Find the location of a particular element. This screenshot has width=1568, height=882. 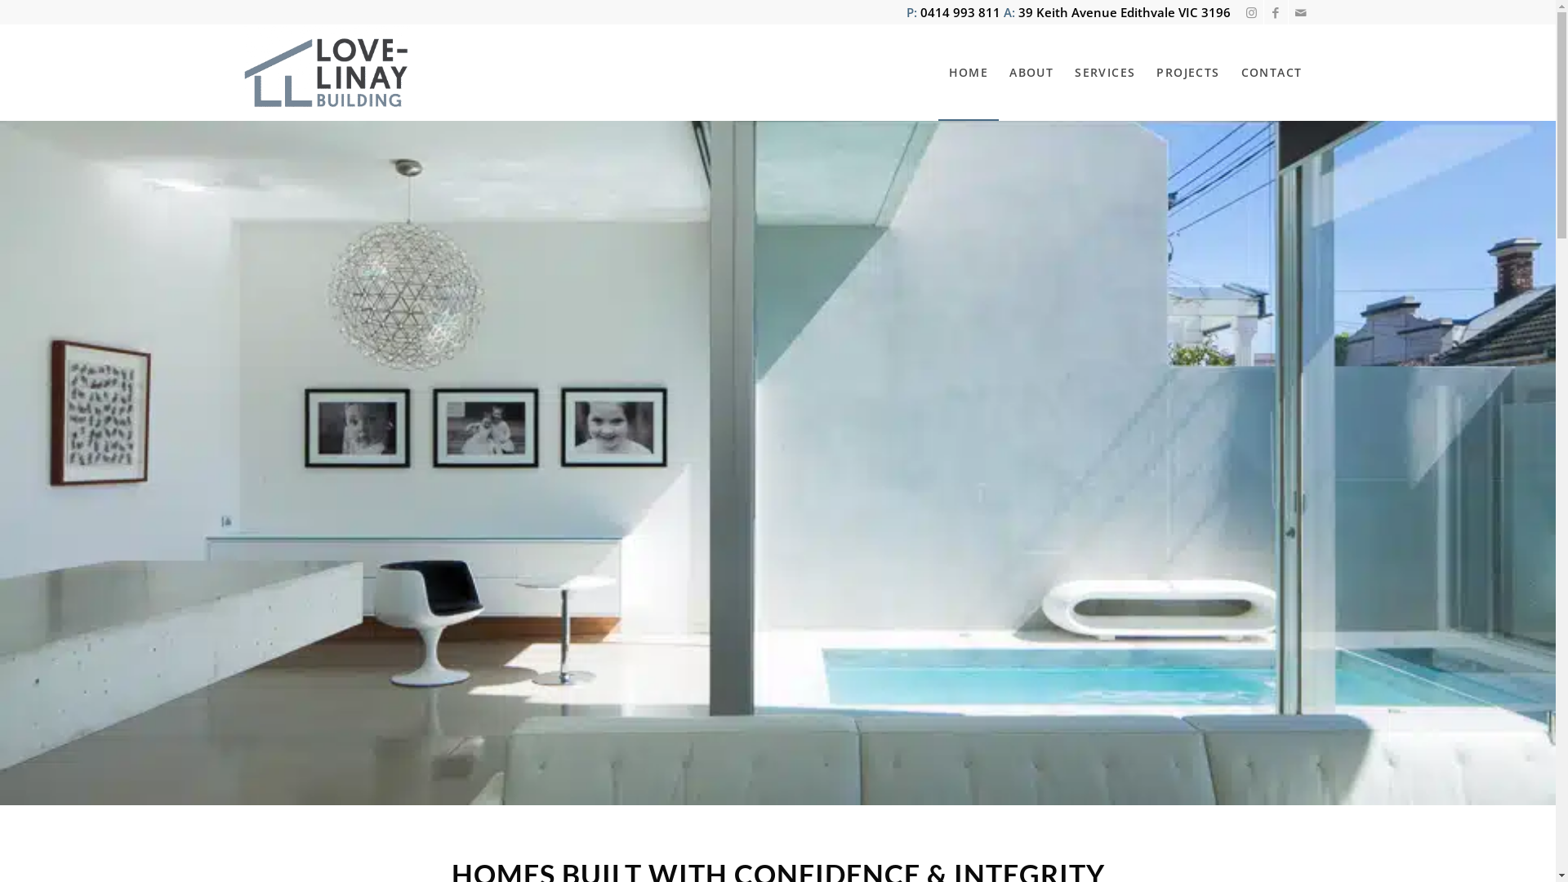

'ABOUT' is located at coordinates (1030, 71).